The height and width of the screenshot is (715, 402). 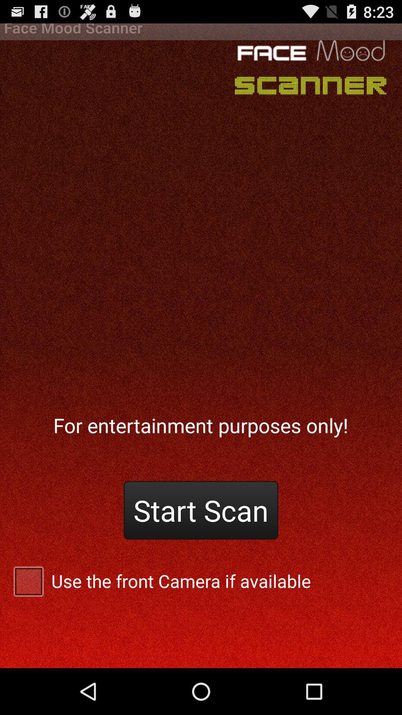 What do you see at coordinates (201, 510) in the screenshot?
I see `item below the for entertainment purposes` at bounding box center [201, 510].